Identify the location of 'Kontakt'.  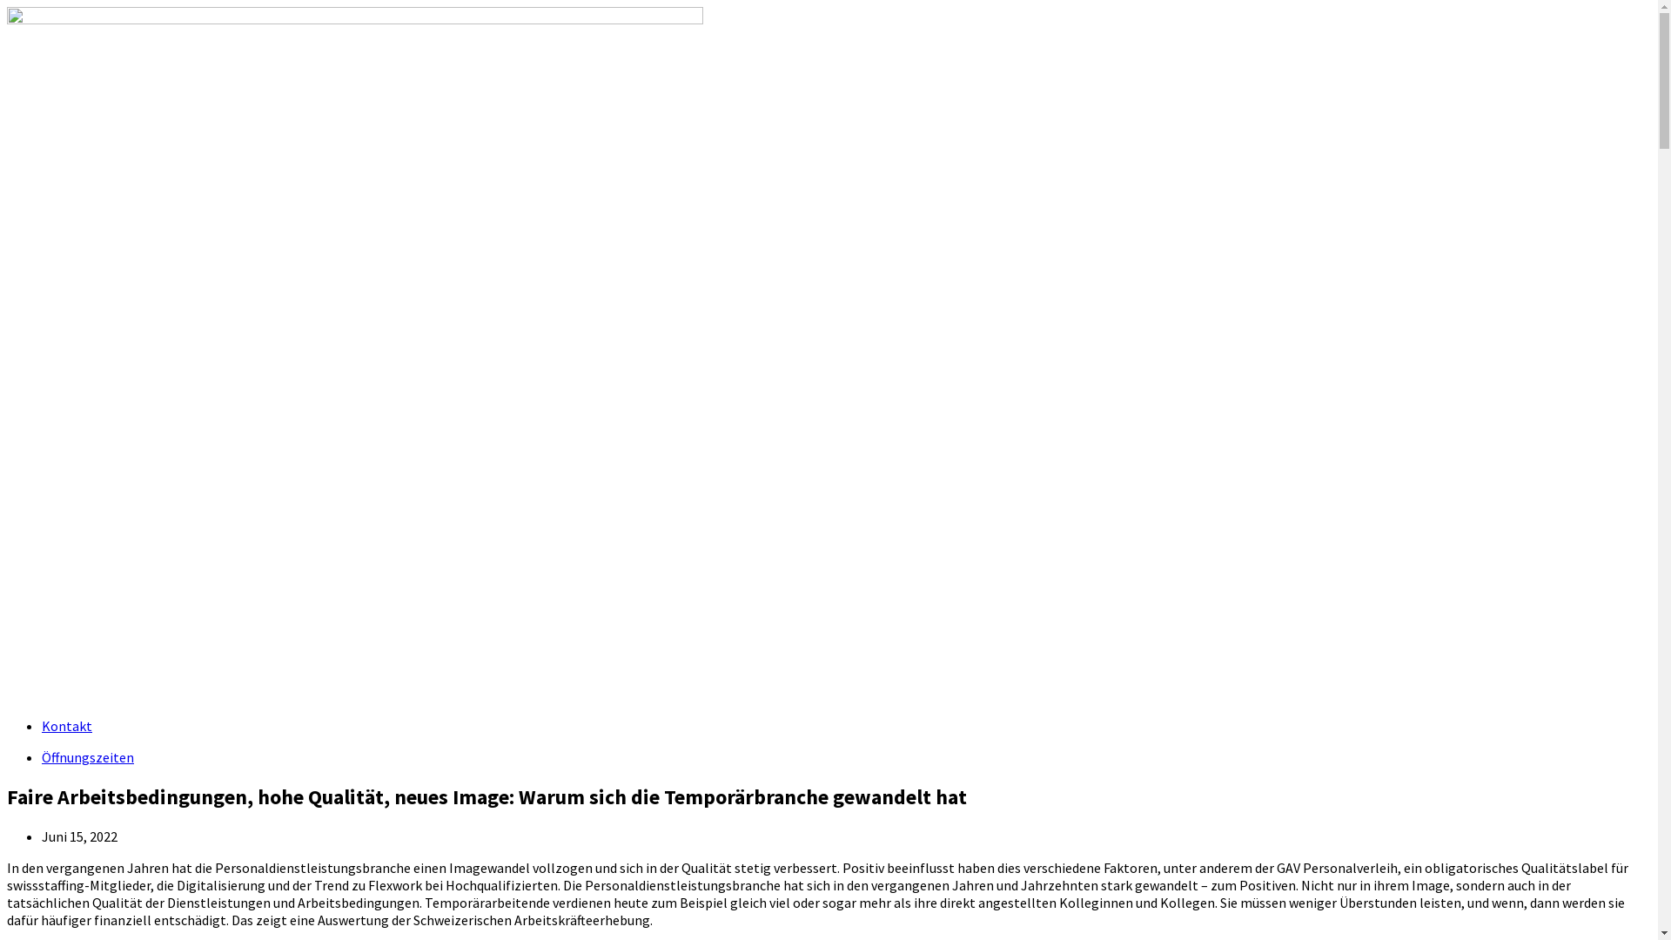
(66, 725).